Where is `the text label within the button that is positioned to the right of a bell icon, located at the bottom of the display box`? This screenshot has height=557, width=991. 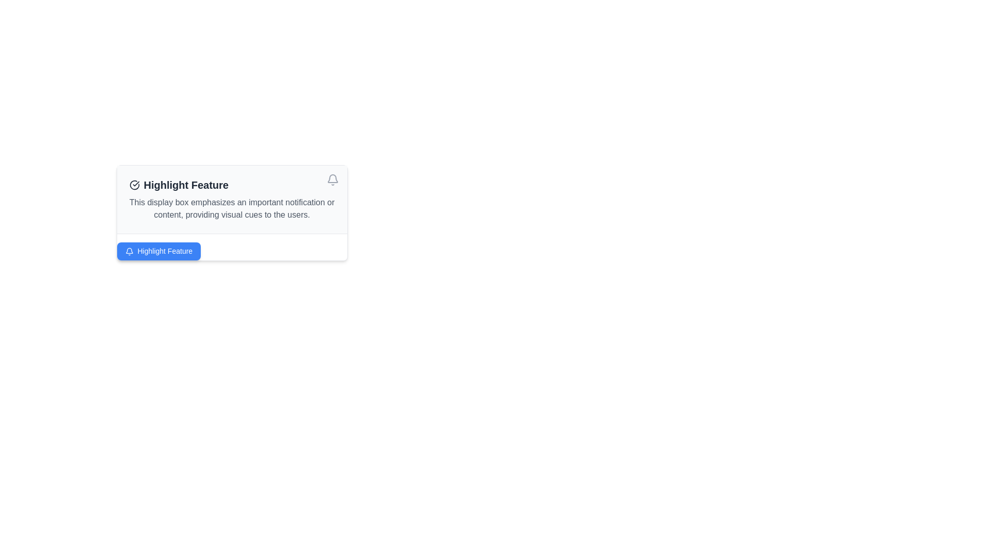 the text label within the button that is positioned to the right of a bell icon, located at the bottom of the display box is located at coordinates (164, 251).